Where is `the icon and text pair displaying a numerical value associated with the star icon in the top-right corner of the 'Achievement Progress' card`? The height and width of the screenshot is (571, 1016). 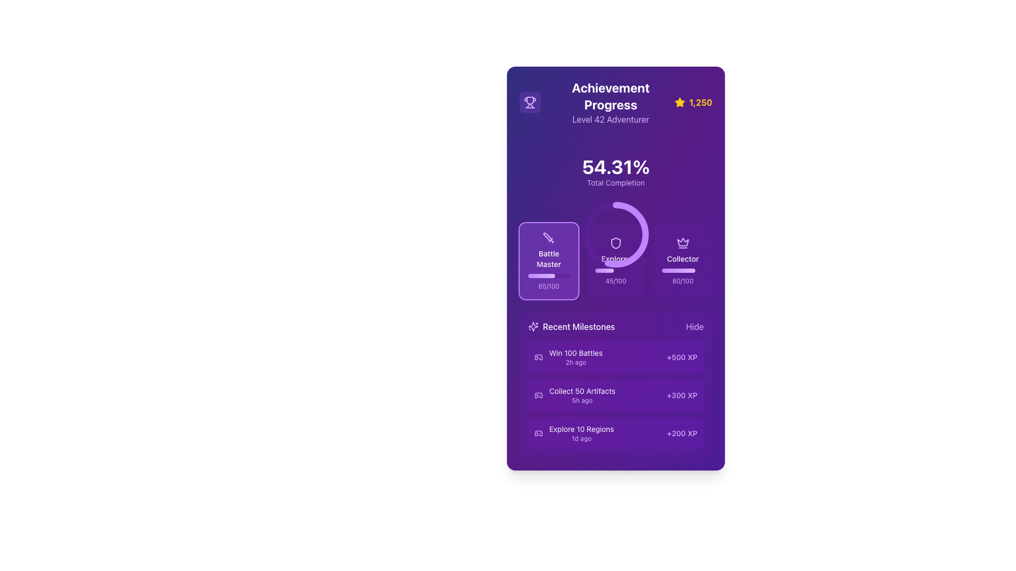 the icon and text pair displaying a numerical value associated with the star icon in the top-right corner of the 'Achievement Progress' card is located at coordinates (693, 102).